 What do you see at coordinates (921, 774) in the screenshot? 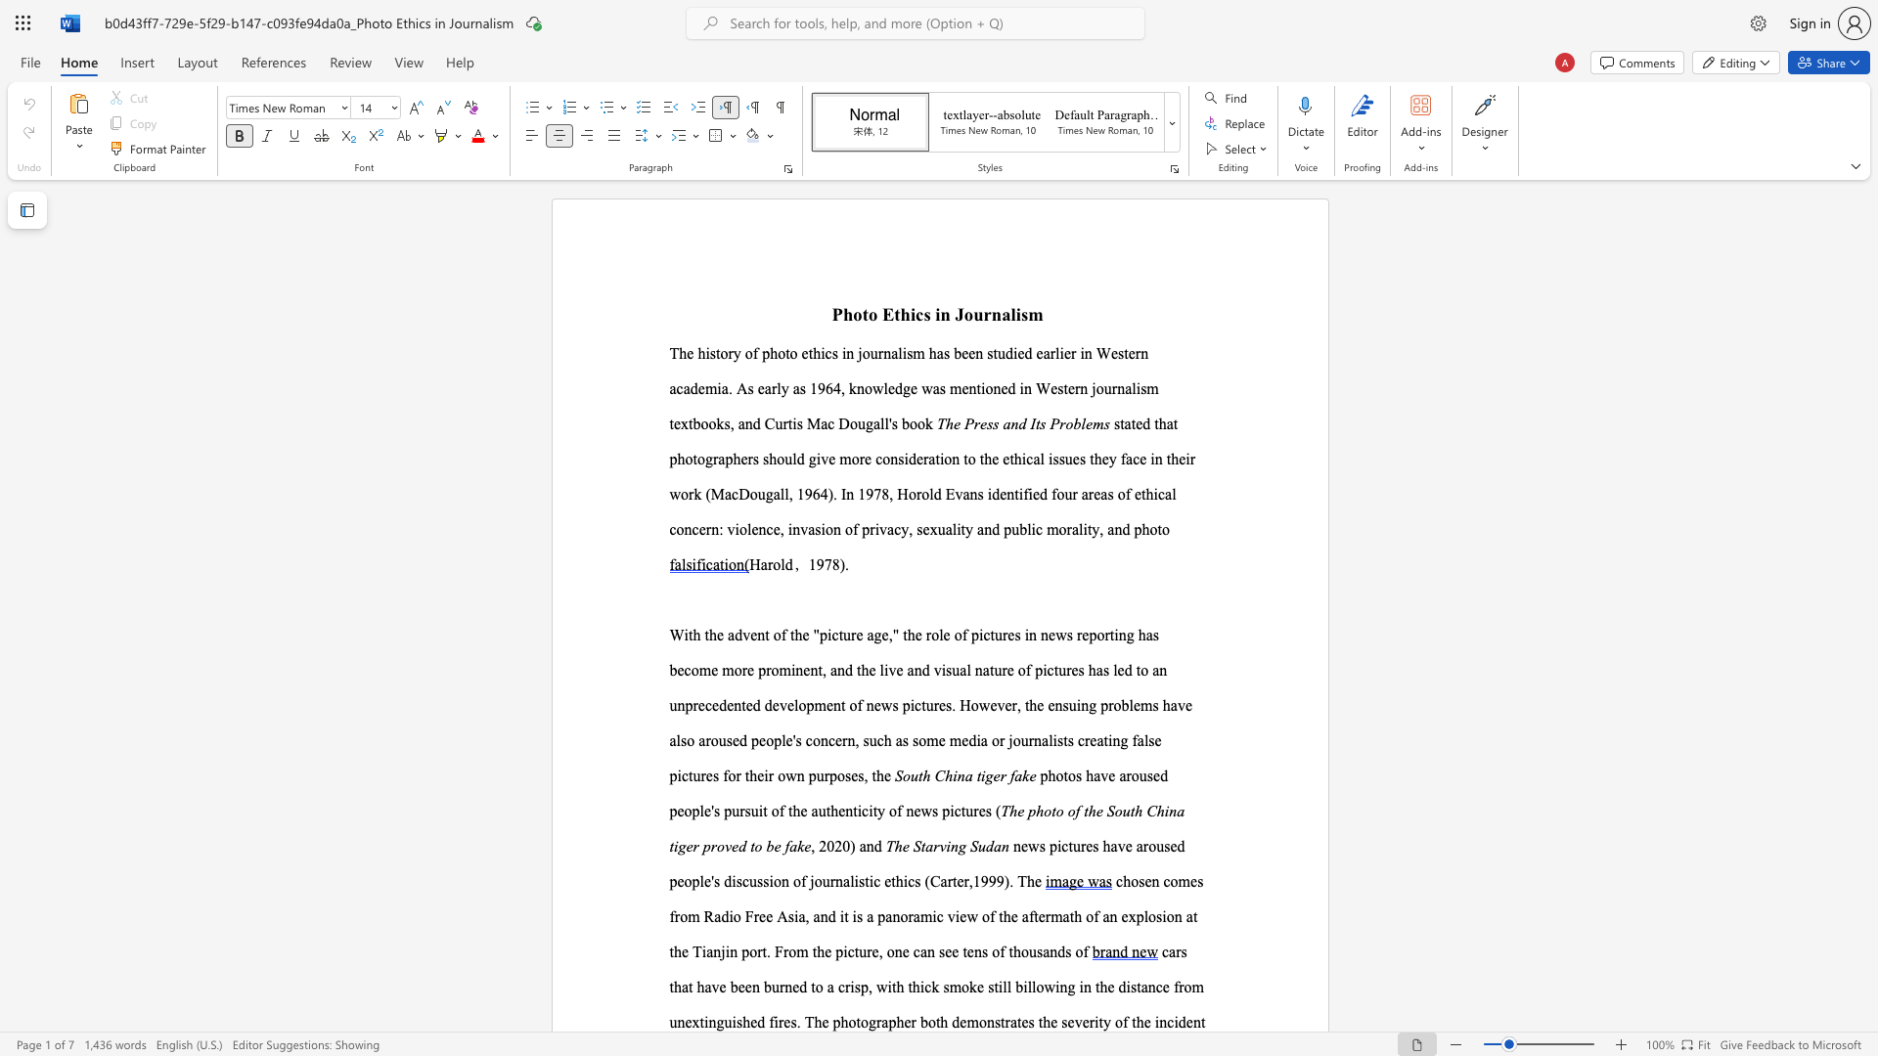
I see `the subset text "h China tig" within the text "South China tiger fake"` at bounding box center [921, 774].